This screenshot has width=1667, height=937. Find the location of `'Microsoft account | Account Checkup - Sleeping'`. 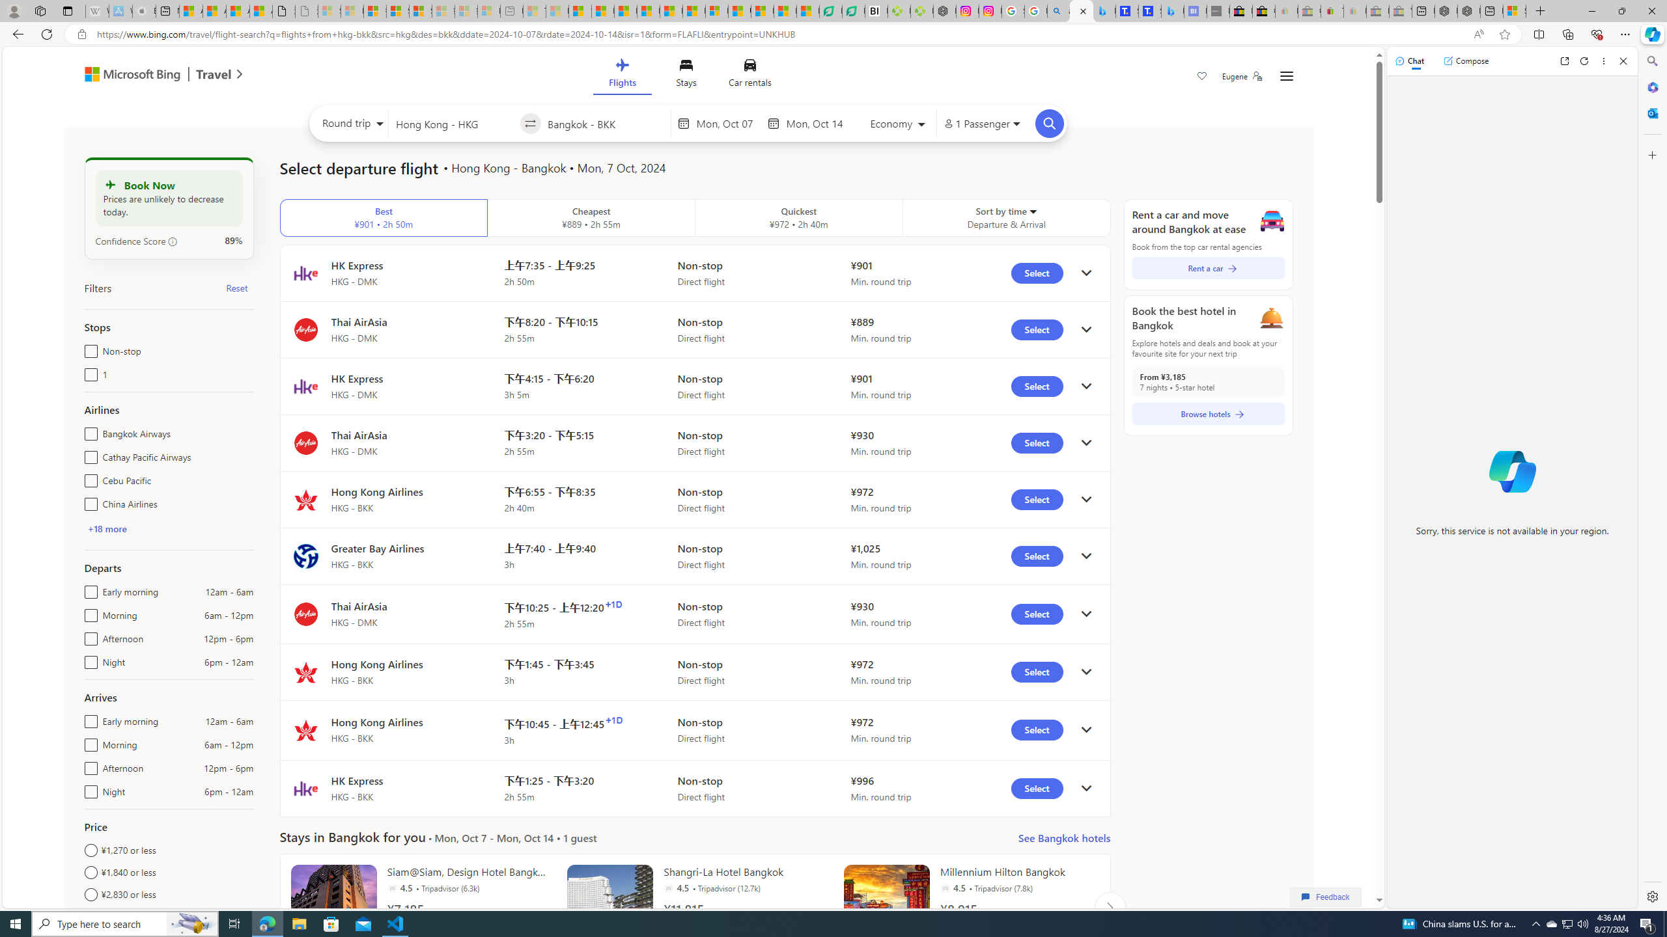

'Microsoft account | Account Checkup - Sleeping' is located at coordinates (488, 10).